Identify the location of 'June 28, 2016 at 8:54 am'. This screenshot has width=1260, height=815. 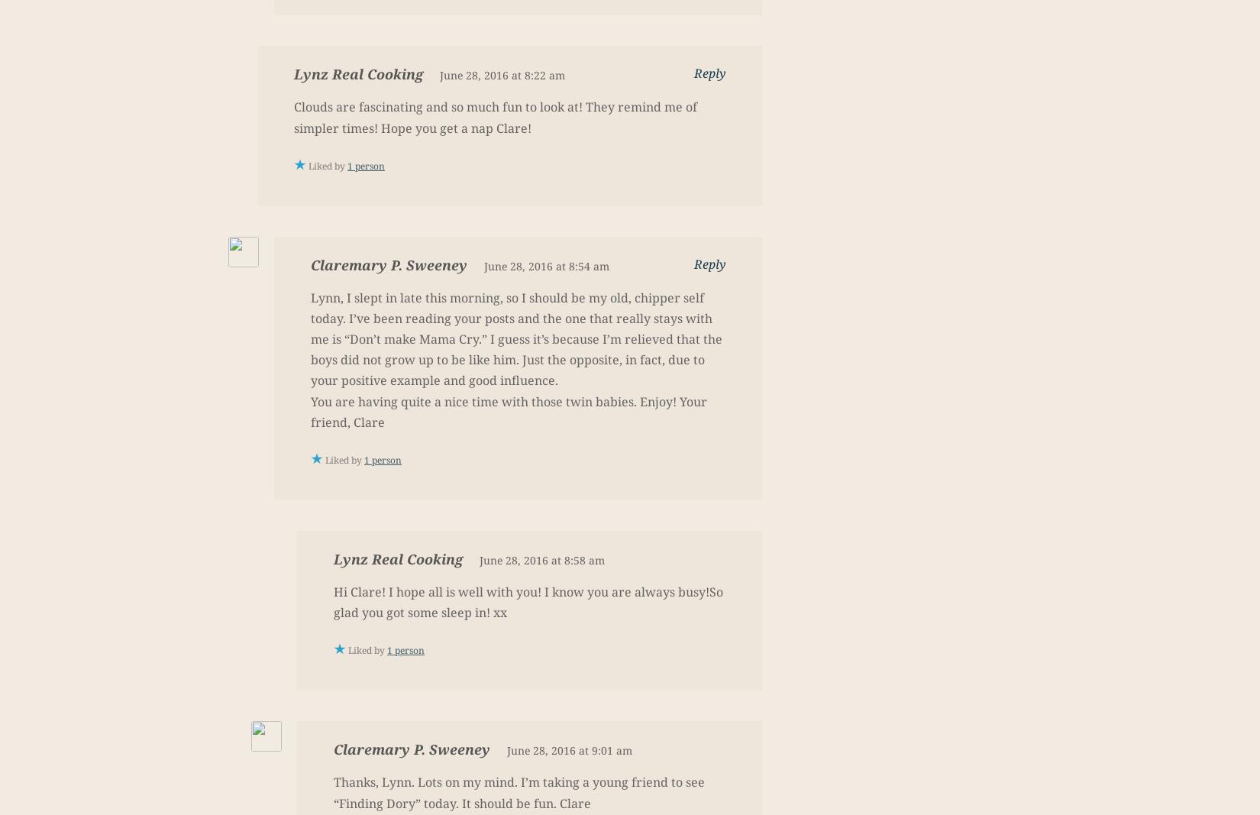
(545, 265).